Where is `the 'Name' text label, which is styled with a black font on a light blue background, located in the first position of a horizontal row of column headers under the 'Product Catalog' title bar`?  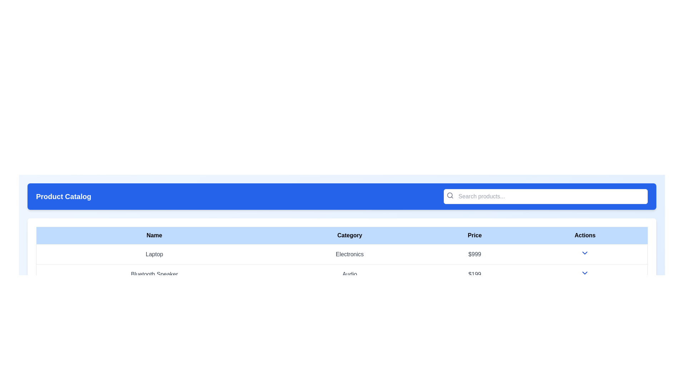
the 'Name' text label, which is styled with a black font on a light blue background, located in the first position of a horizontal row of column headers under the 'Product Catalog' title bar is located at coordinates (154, 236).